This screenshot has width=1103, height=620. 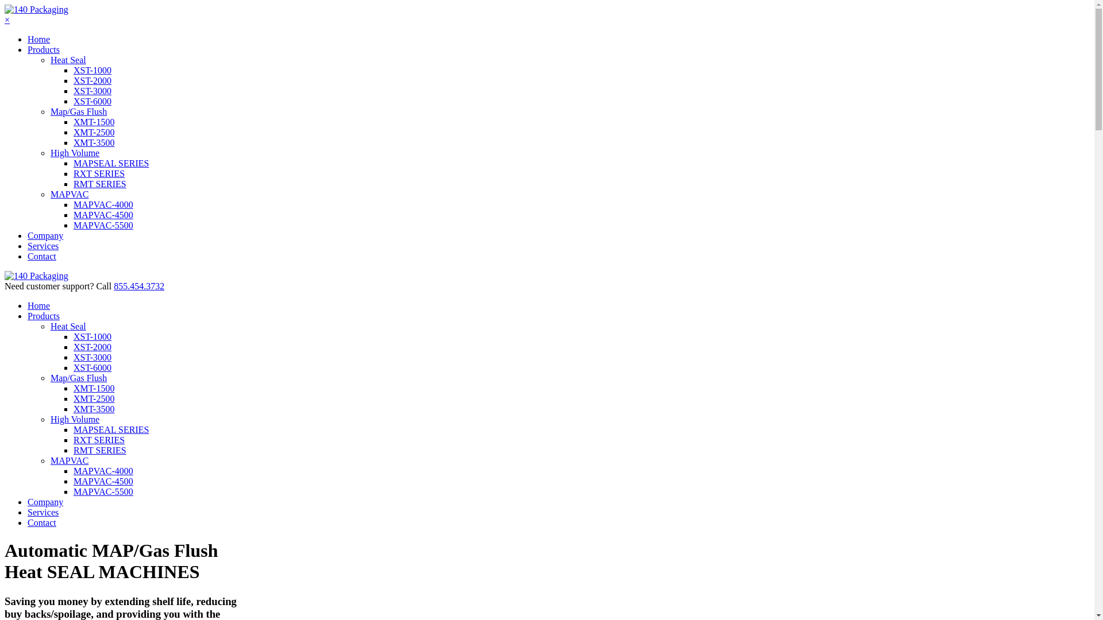 I want to click on 'XST-1000', so click(x=92, y=70).